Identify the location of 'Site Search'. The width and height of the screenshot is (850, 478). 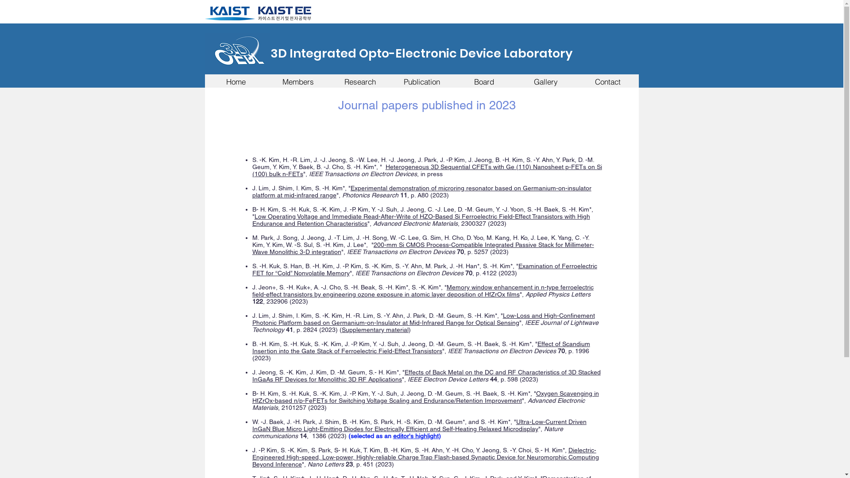
(585, 12).